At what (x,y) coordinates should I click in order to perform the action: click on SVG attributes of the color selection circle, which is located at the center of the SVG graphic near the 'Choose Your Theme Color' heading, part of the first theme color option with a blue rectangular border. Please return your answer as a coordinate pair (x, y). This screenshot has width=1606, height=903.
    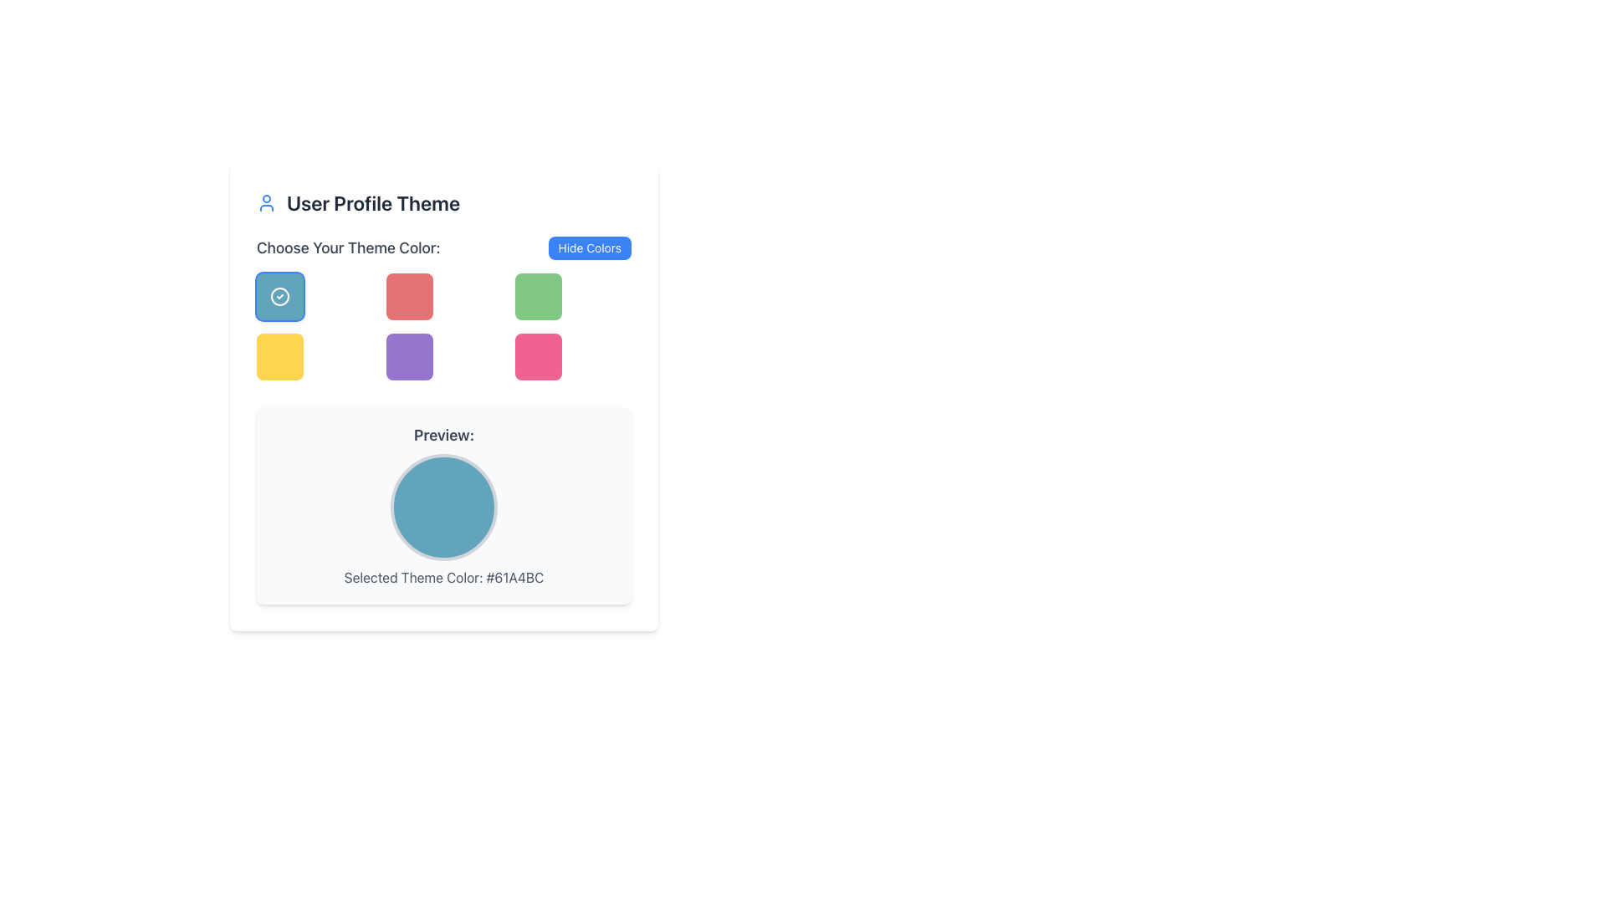
    Looking at the image, I should click on (280, 295).